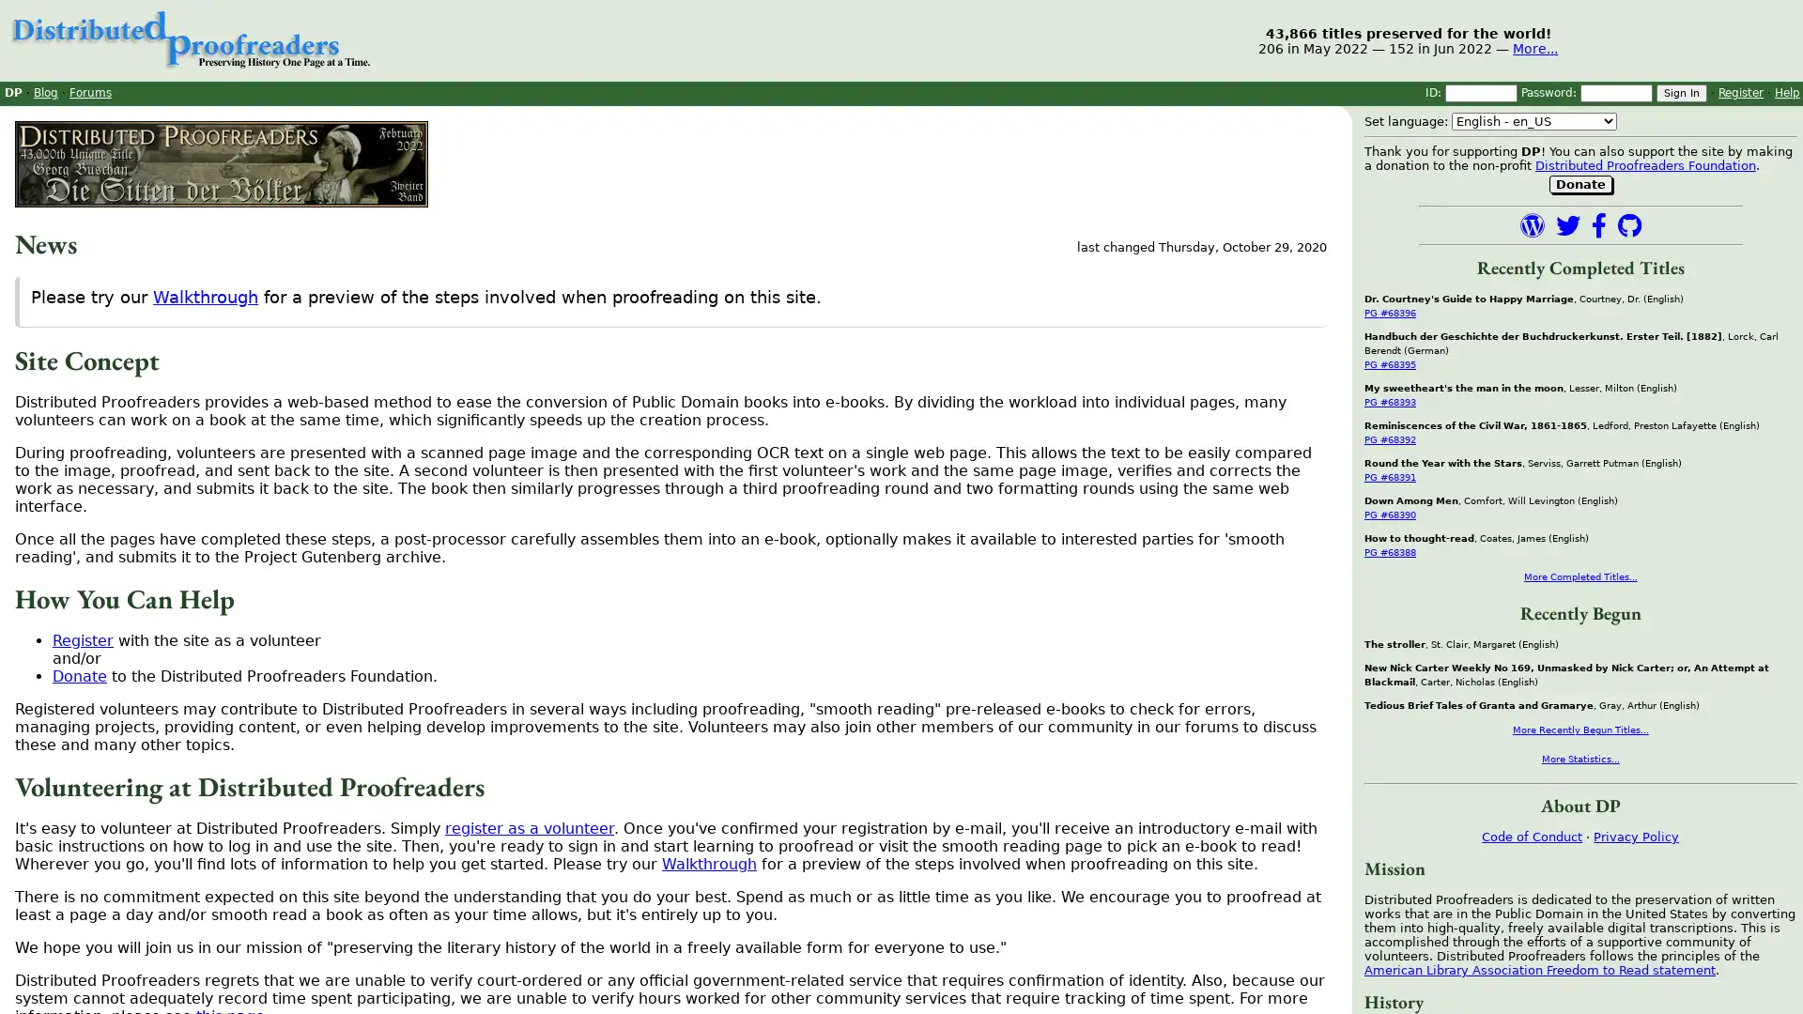 Image resolution: width=1803 pixels, height=1014 pixels. I want to click on Donate, so click(1579, 183).